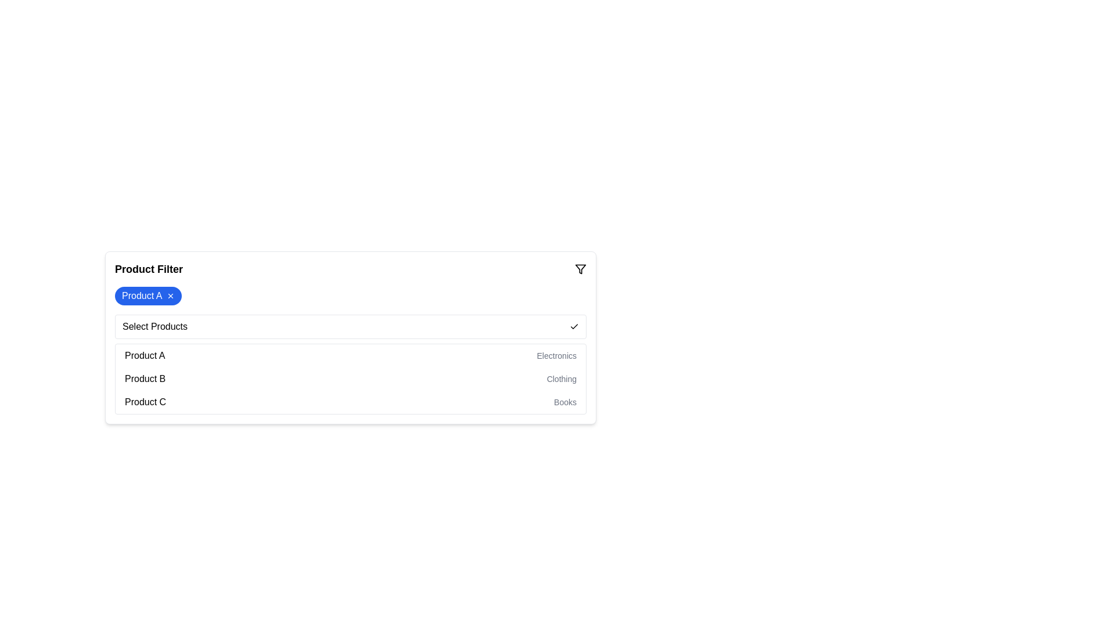 Image resolution: width=1115 pixels, height=627 pixels. I want to click on the list item displaying the product category 'Product C' which shows 'Books' on the right, so click(350, 402).